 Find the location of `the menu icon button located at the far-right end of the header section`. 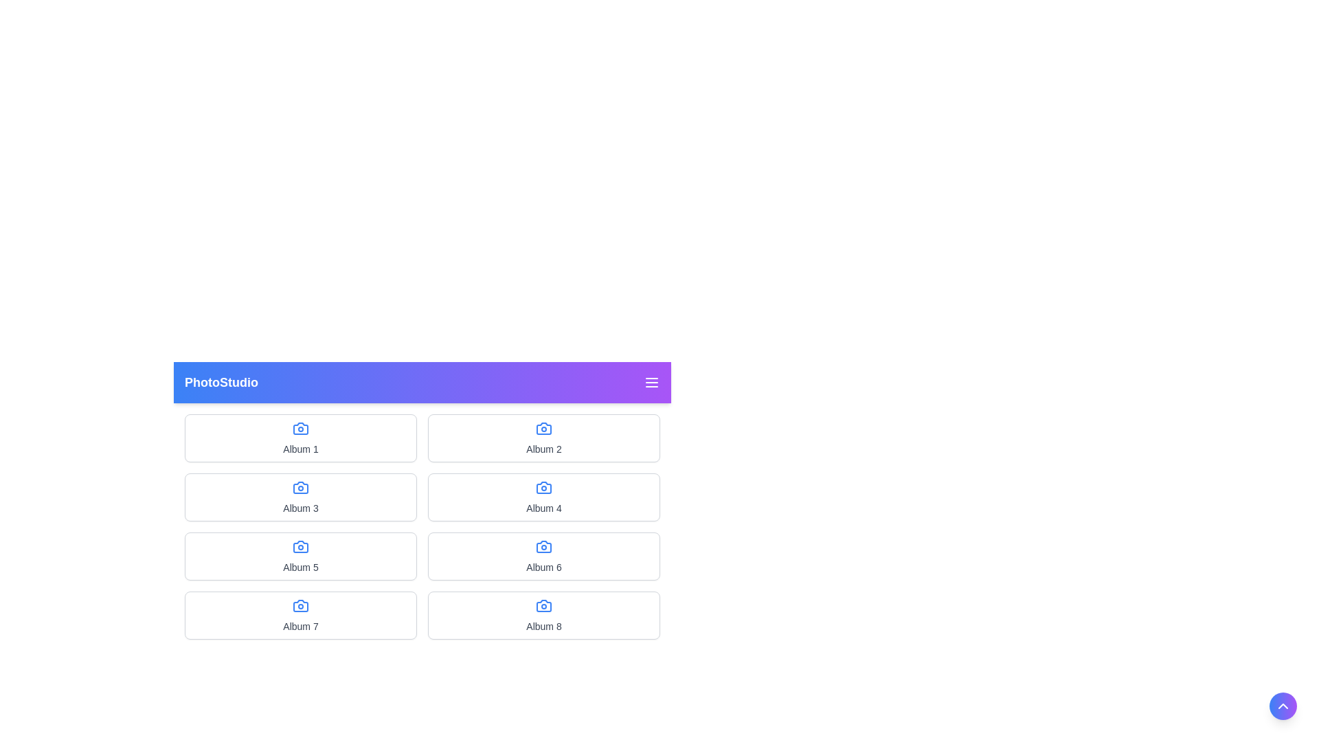

the menu icon button located at the far-right end of the header section is located at coordinates (651, 382).